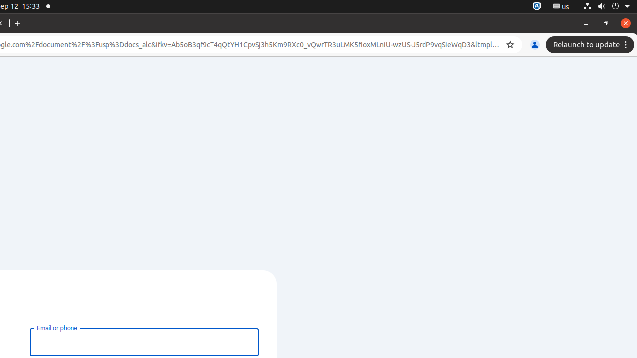 The image size is (637, 358). Describe the element at coordinates (591, 45) in the screenshot. I see `'Relaunch to update'` at that location.